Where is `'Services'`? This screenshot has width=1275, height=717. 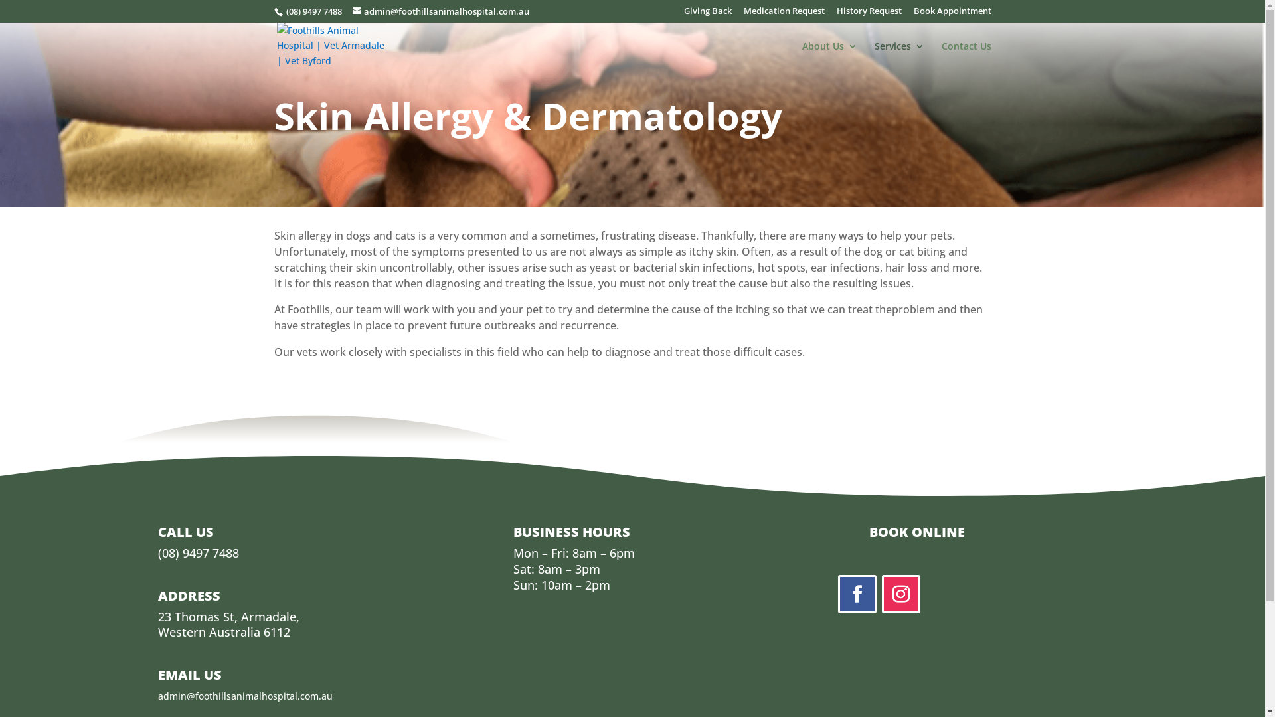 'Services' is located at coordinates (898, 56).